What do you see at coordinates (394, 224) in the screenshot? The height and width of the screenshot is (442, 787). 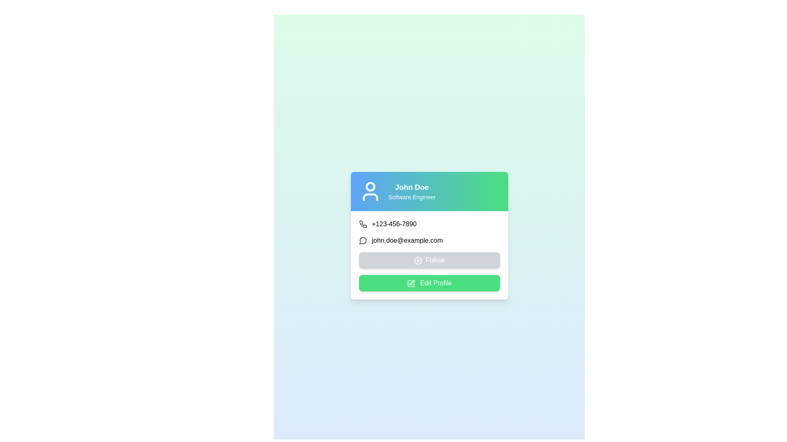 I see `the phone number display showing '+123-456-7890' located next to the phone icon in the user profile card` at bounding box center [394, 224].